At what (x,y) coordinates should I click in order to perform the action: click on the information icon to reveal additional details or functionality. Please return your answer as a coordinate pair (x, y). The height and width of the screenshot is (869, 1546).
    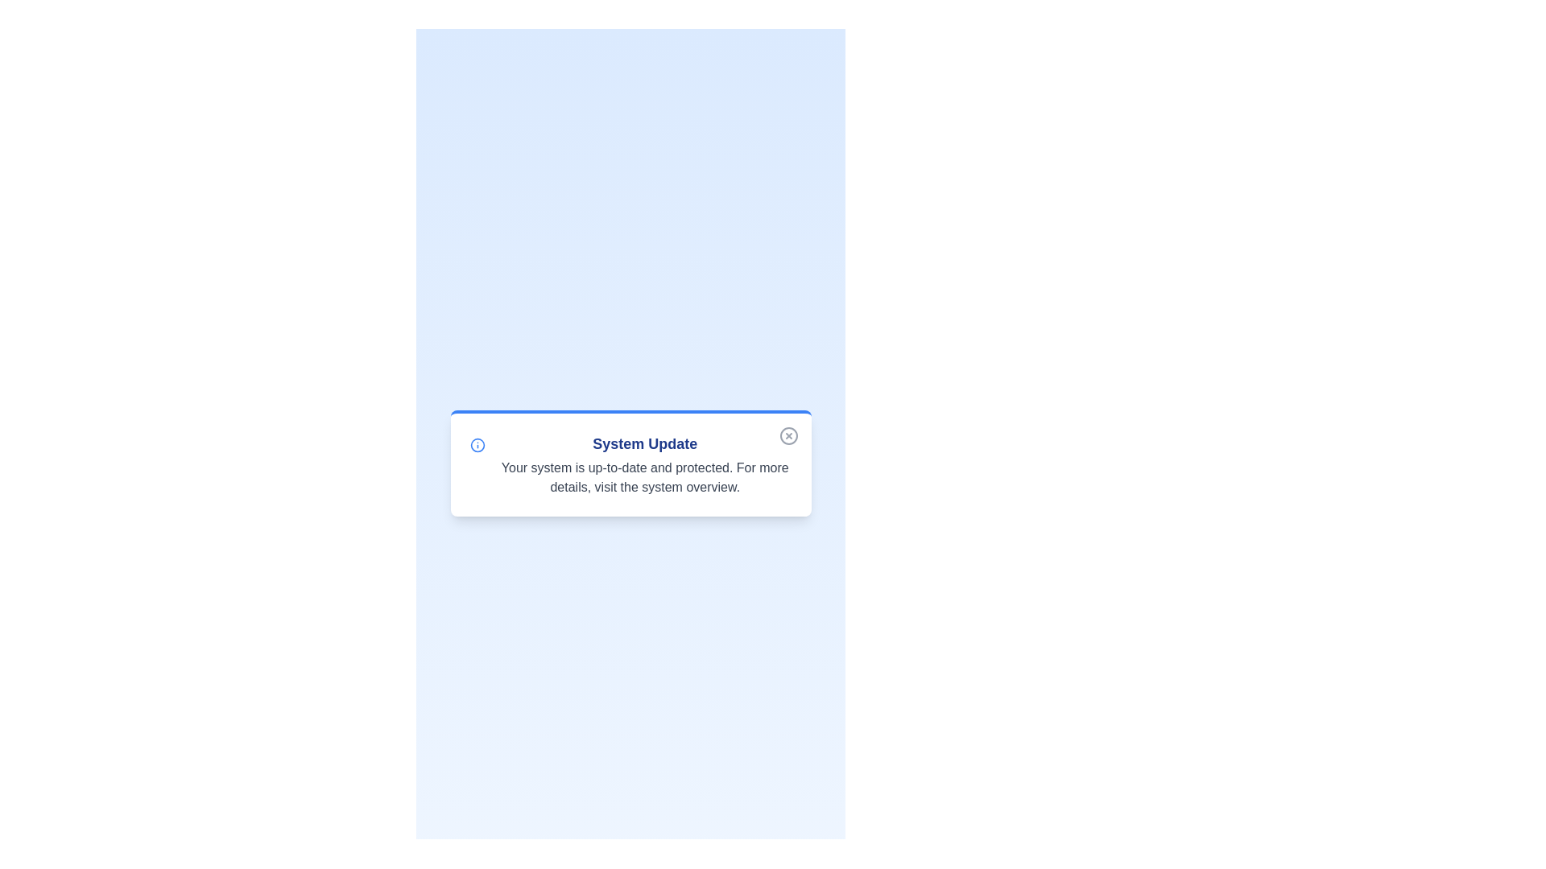
    Looking at the image, I should click on (477, 446).